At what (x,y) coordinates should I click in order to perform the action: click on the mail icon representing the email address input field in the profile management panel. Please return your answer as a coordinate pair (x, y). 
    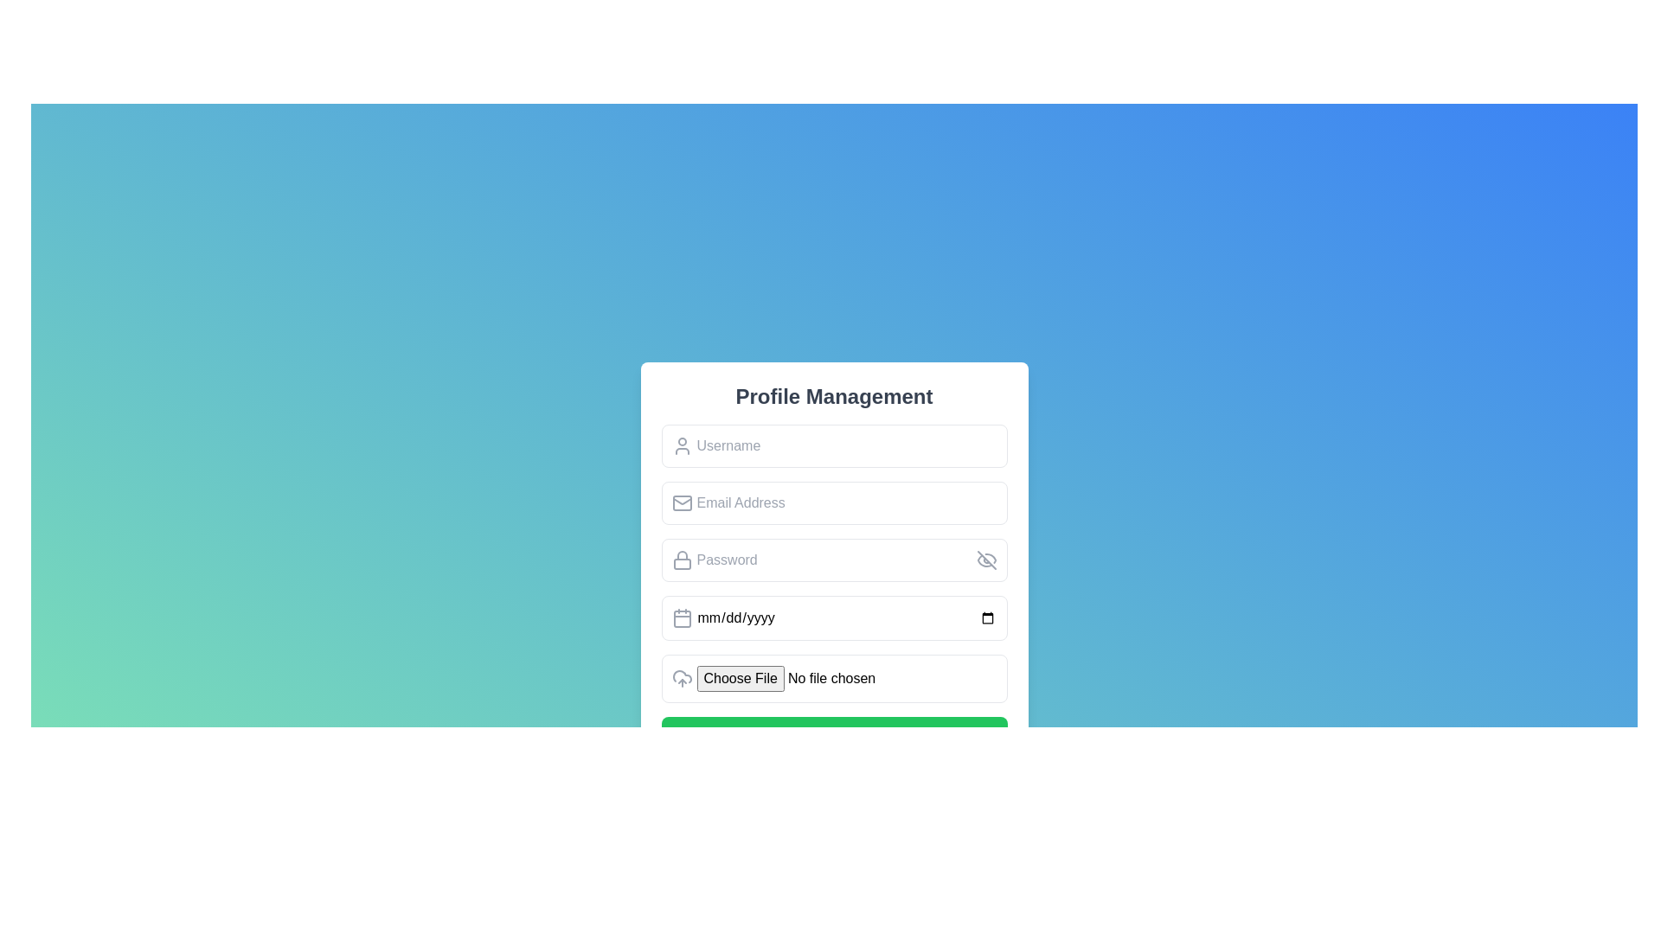
    Looking at the image, I should click on (681, 501).